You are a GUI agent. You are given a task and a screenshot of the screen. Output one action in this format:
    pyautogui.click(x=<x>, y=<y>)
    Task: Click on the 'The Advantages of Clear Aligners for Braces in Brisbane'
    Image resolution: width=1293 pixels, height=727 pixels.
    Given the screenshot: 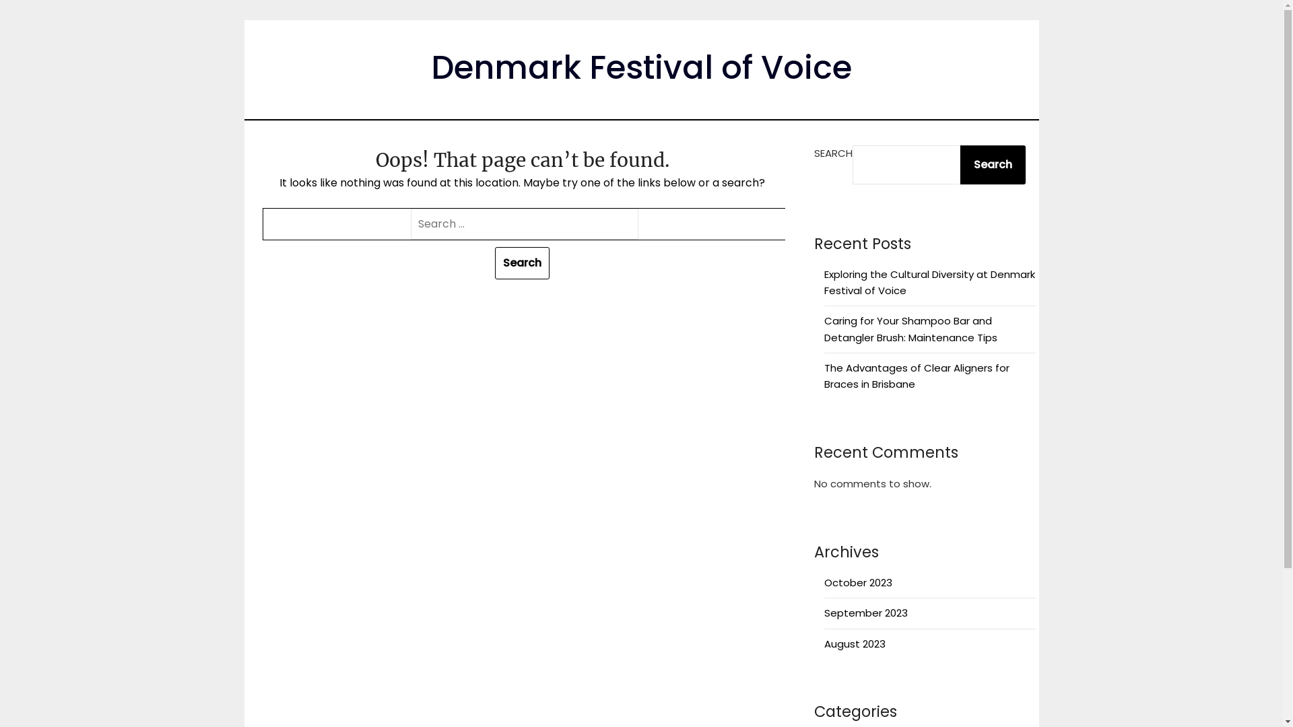 What is the action you would take?
    pyautogui.click(x=916, y=376)
    